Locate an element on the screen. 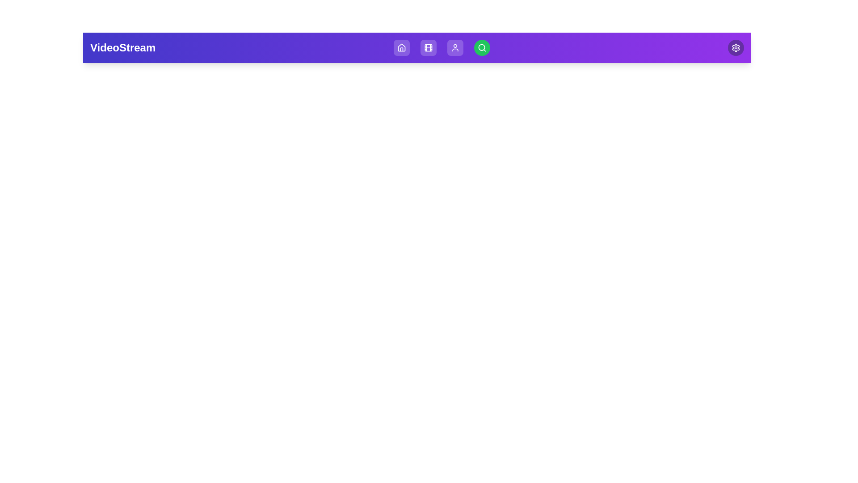 This screenshot has width=858, height=483. the Film button in the navigation bar is located at coordinates (428, 48).